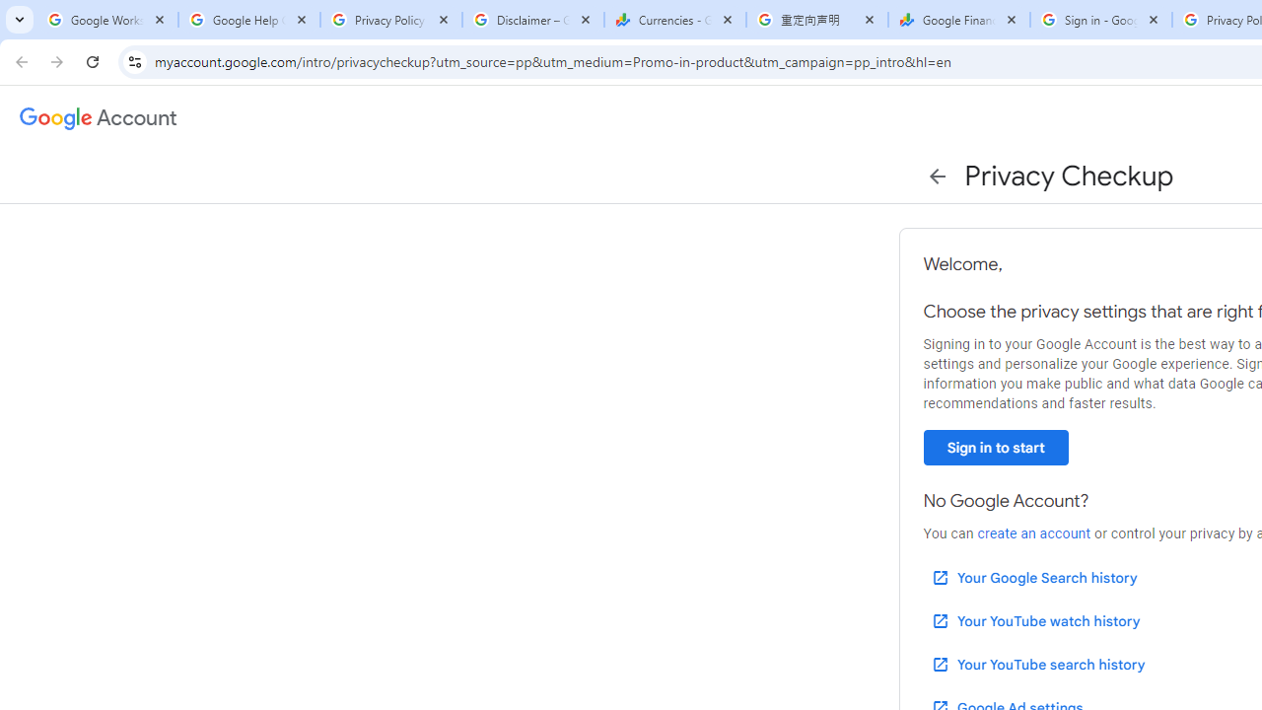 The height and width of the screenshot is (710, 1262). I want to click on 'Sign in to start', so click(995, 448).